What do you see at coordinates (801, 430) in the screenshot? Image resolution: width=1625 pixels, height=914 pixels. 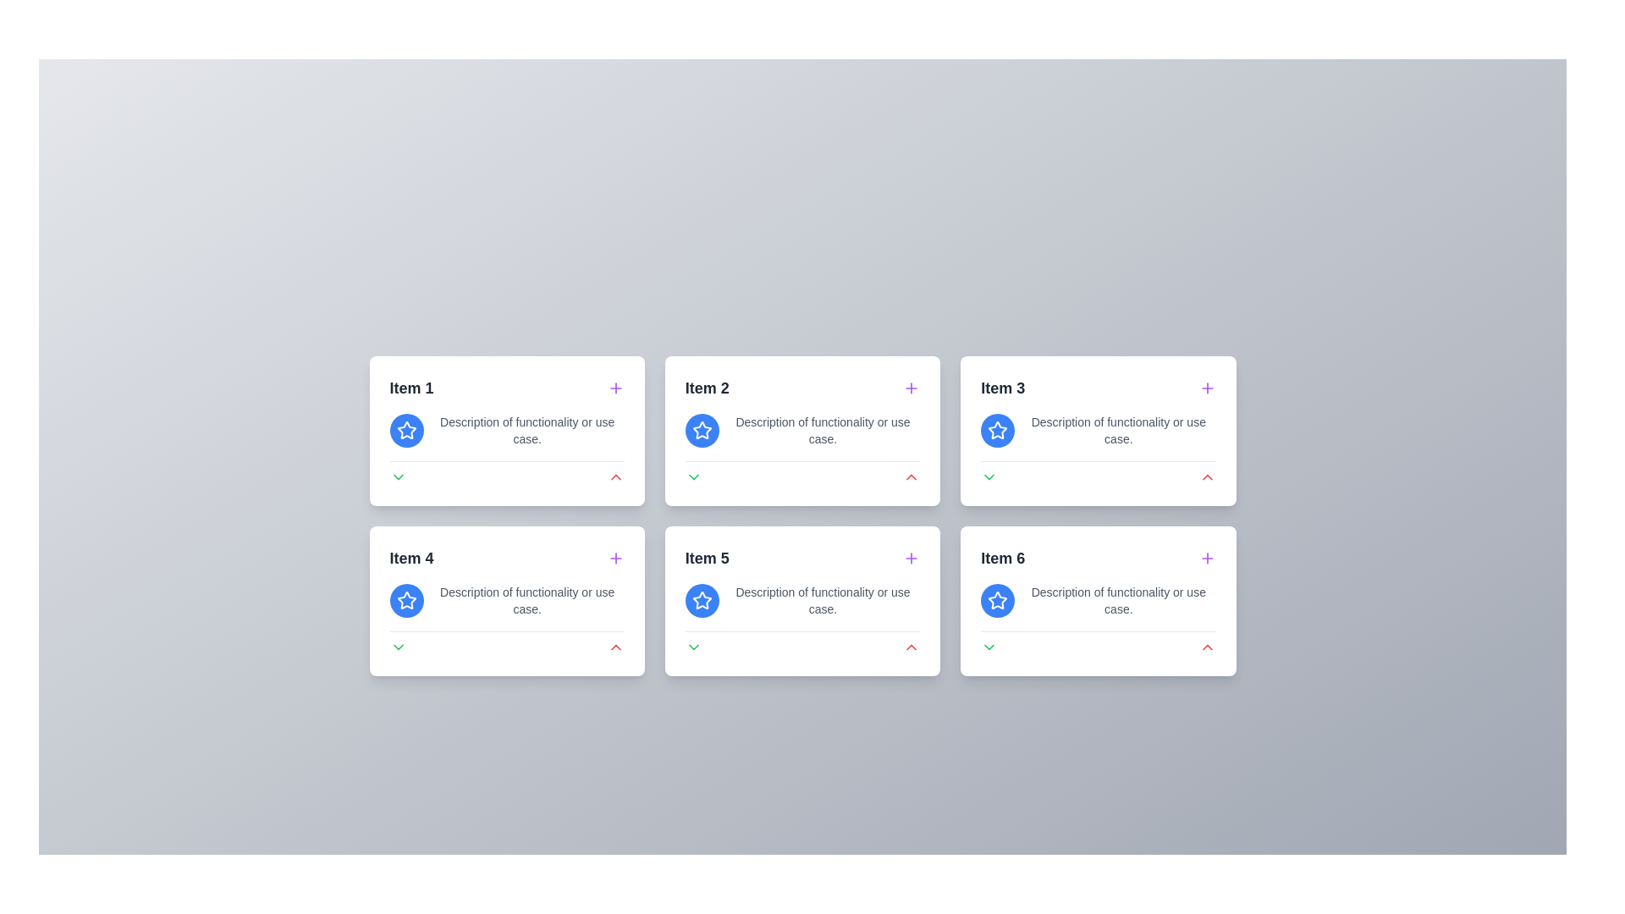 I see `the informational card displaying the title 'Item 2', which is the second card in the first row of the grid layout` at bounding box center [801, 430].